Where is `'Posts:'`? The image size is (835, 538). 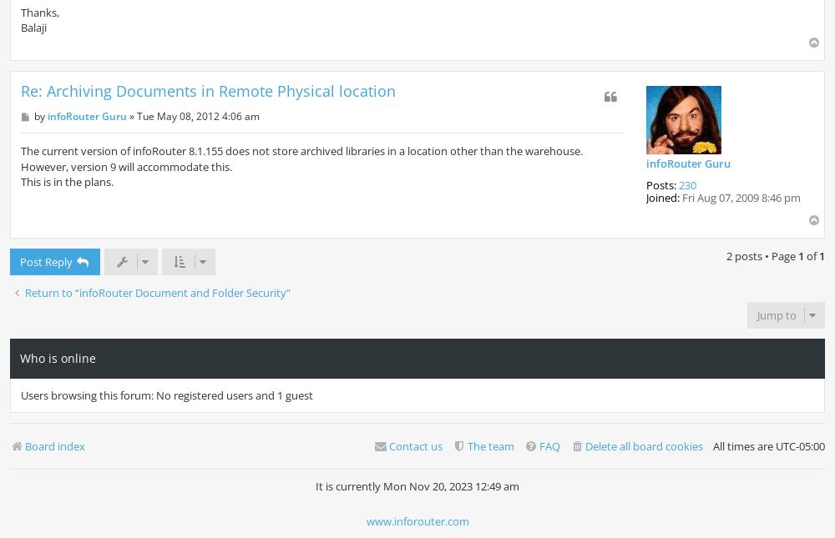 'Posts:' is located at coordinates (646, 183).